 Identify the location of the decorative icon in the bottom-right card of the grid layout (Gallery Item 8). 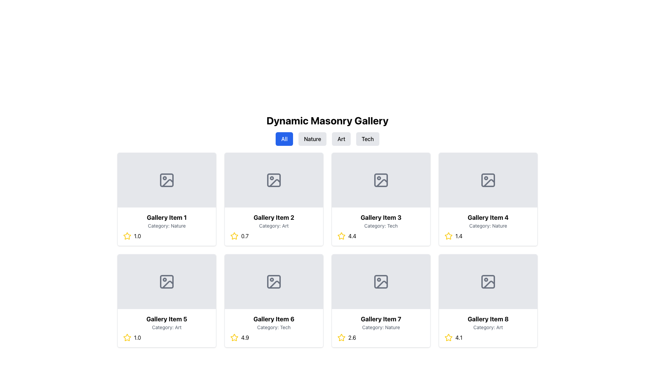
(487, 281).